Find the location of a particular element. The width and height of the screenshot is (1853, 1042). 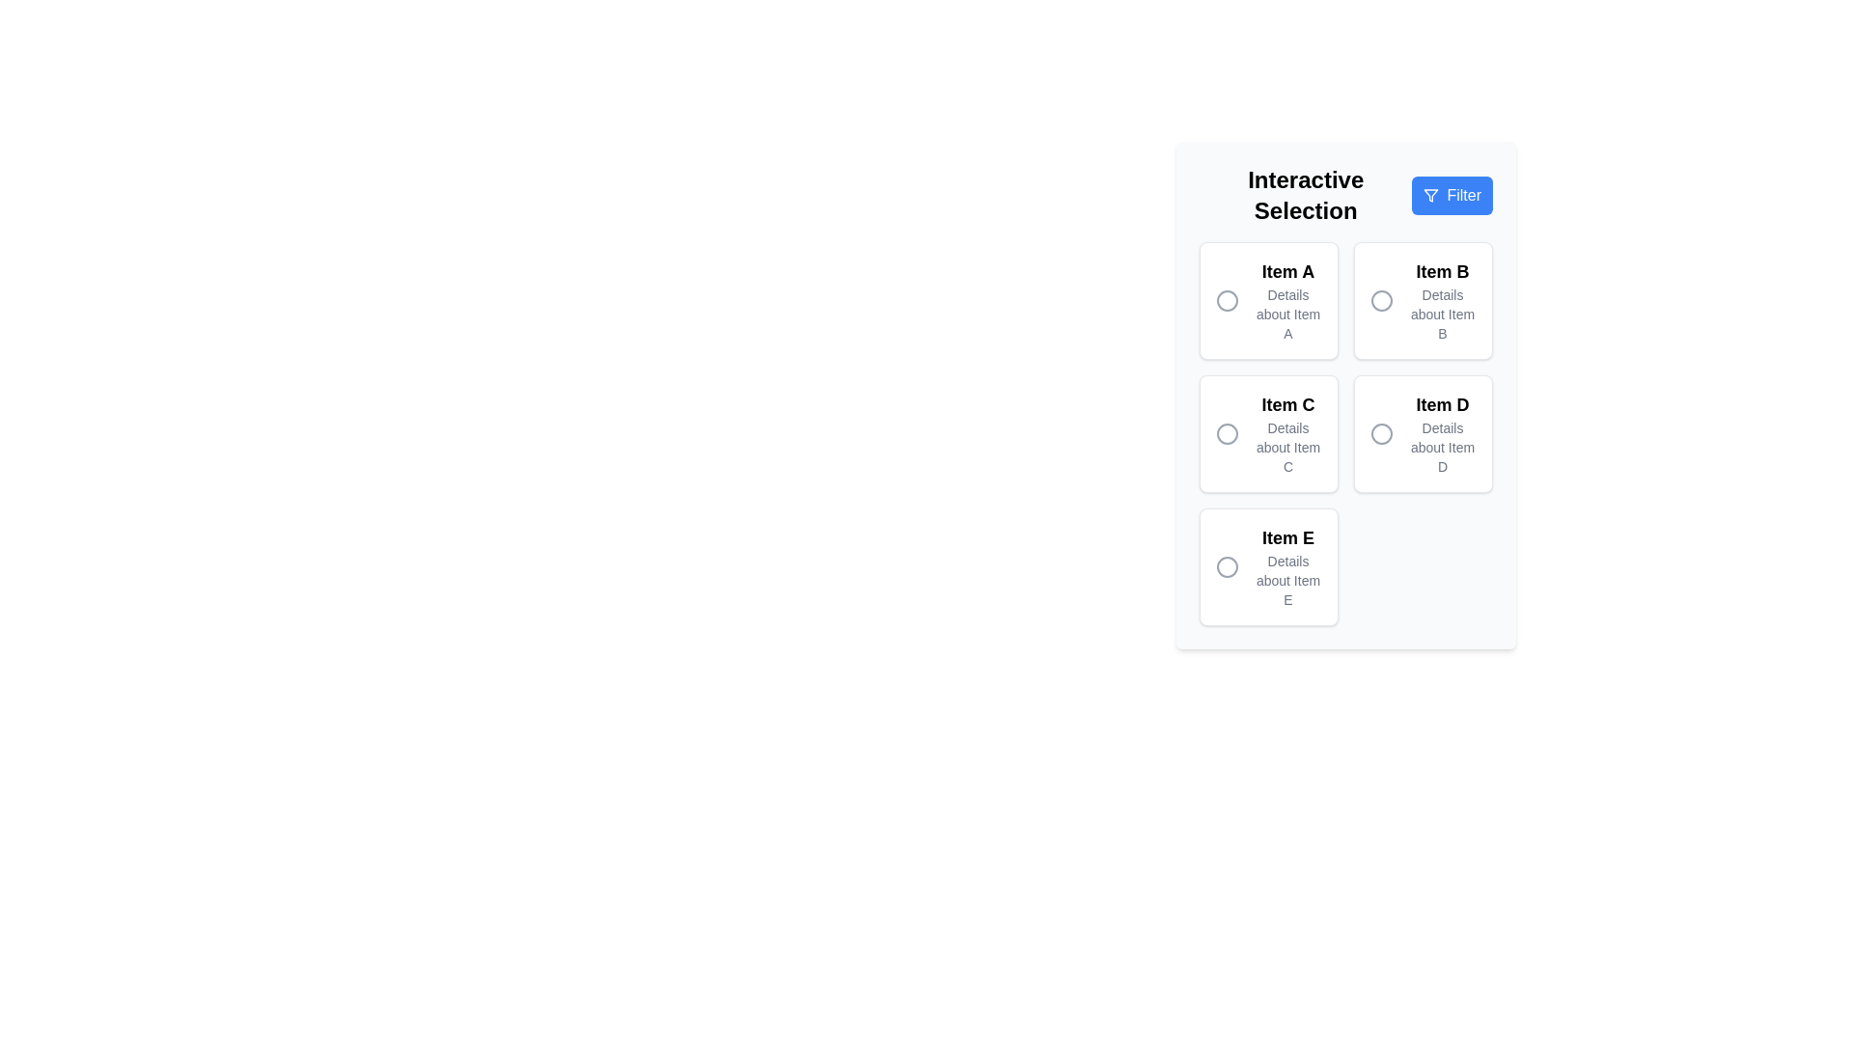

the bold-faced static text label reading 'Item B' located in the top-right quadrant of the card layout is located at coordinates (1442, 271).